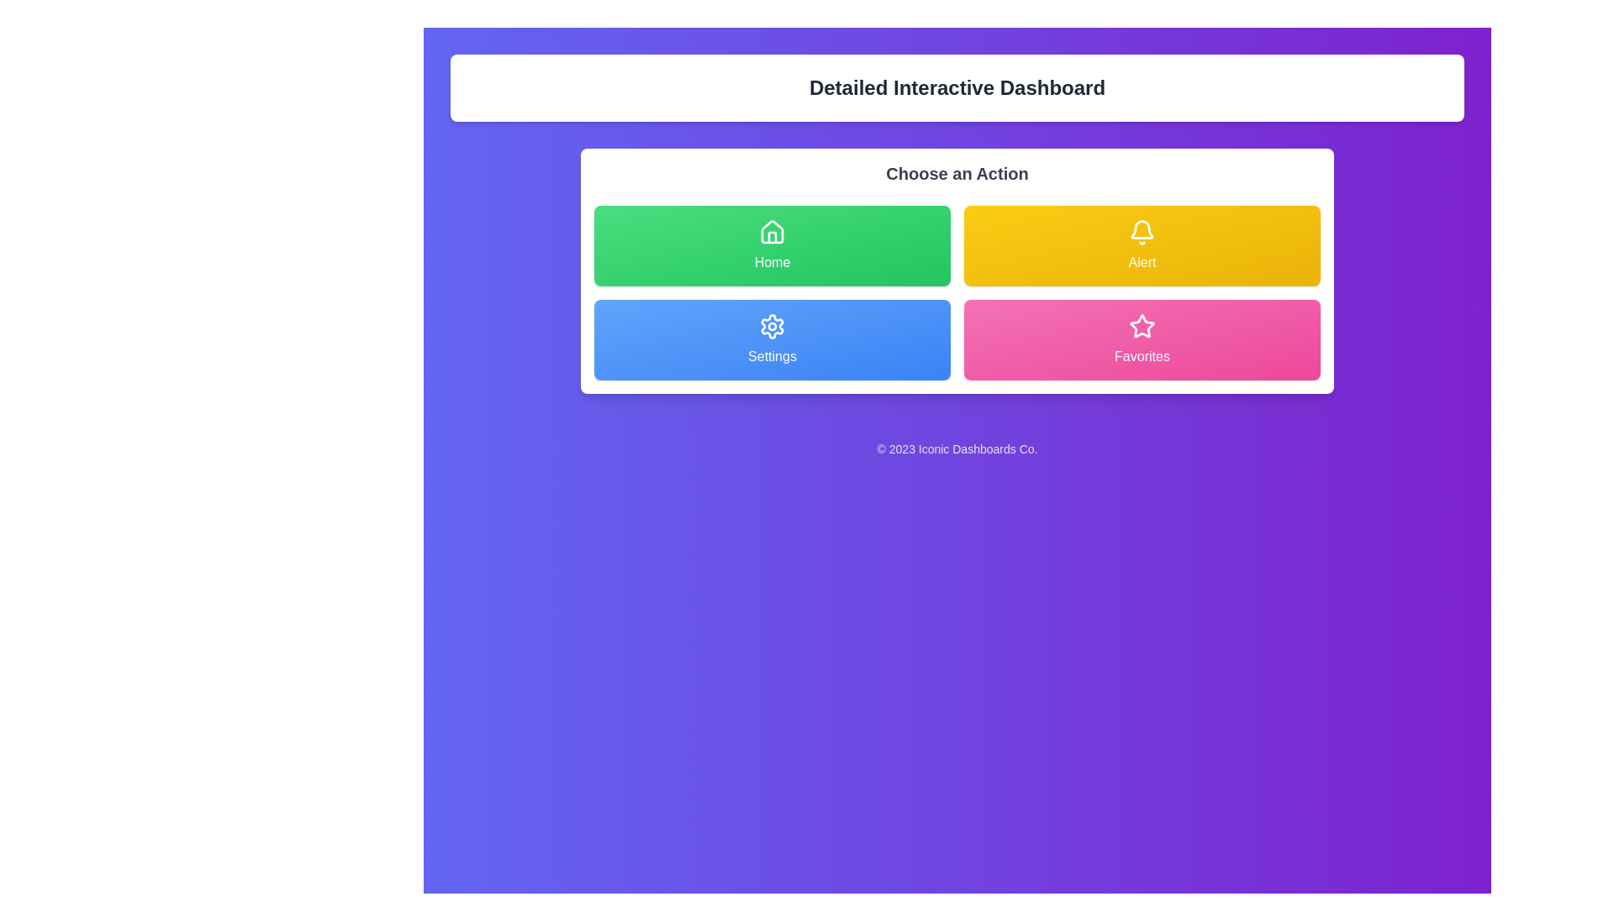 The height and width of the screenshot is (907, 1614). Describe the element at coordinates (771, 246) in the screenshot. I see `the navigation button in the top left corner of the 'Choose an Action' grid to trigger the shadow animation` at that location.